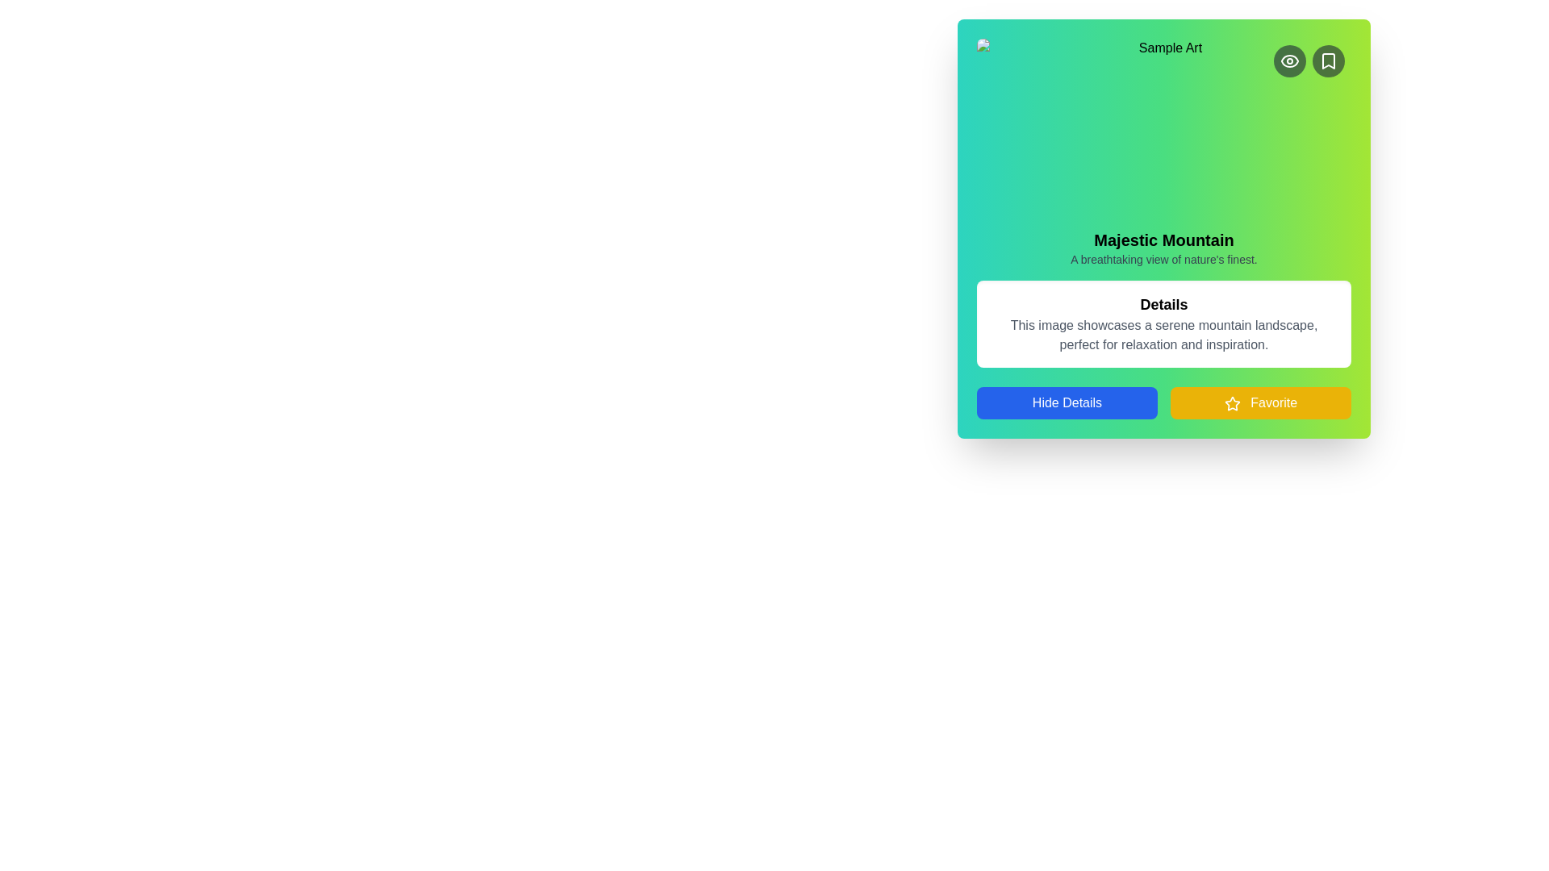  I want to click on the 'Favorite' button, which is a rectangular button with rounded corners, yellow background, white text, and a star icon, located to the right of the 'Hide Details' button, so click(1260, 402).